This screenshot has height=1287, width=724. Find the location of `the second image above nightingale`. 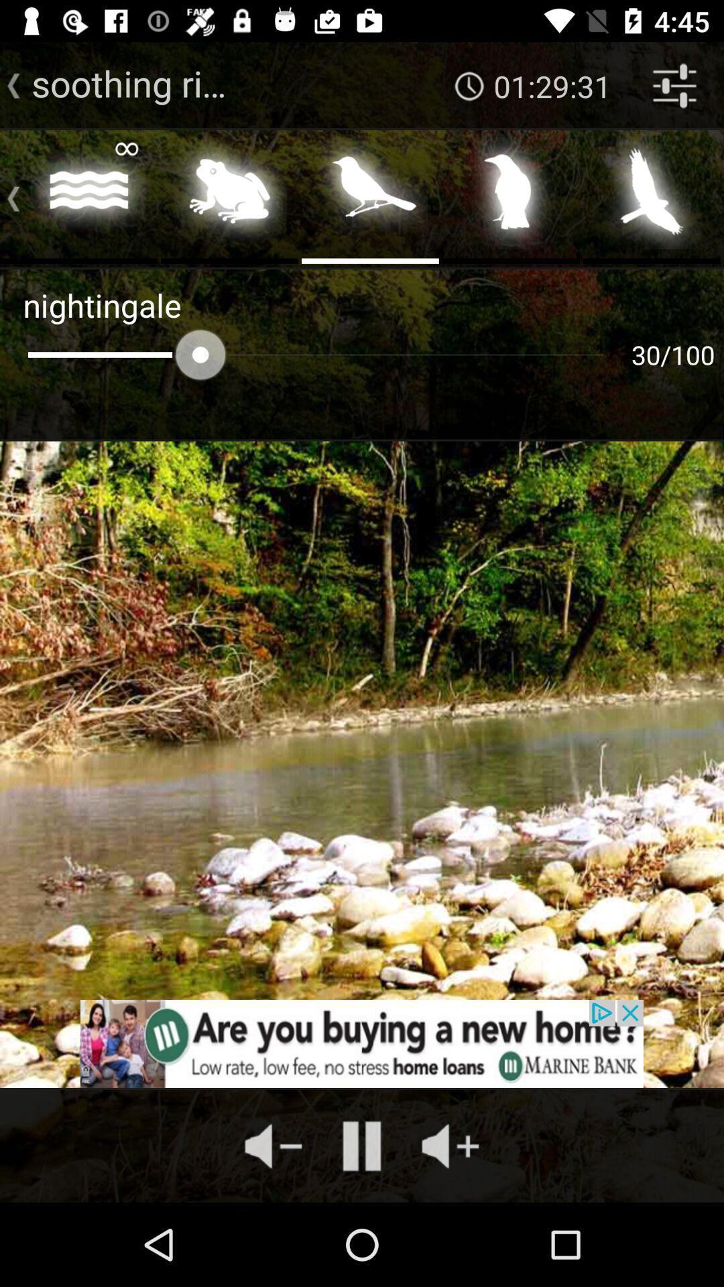

the second image above nightingale is located at coordinates (229, 195).